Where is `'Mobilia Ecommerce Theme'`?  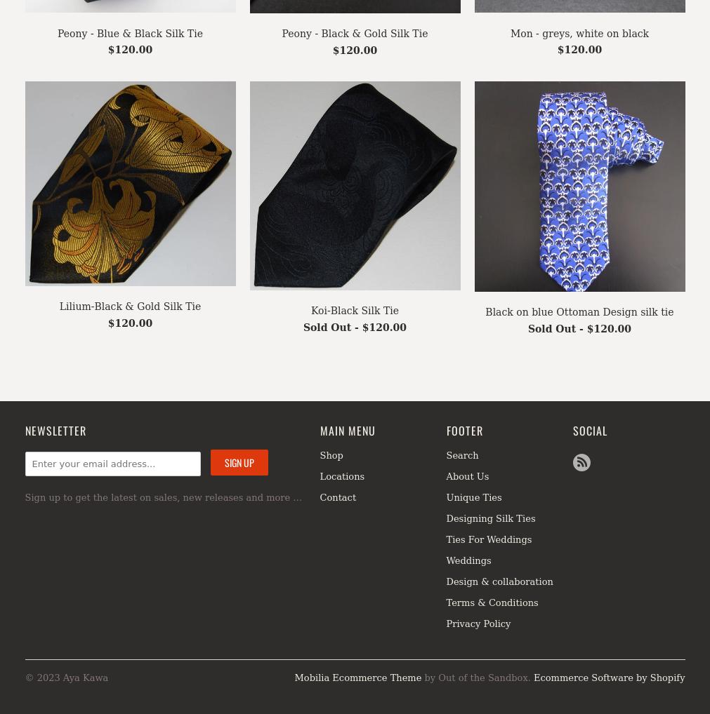
'Mobilia Ecommerce Theme' is located at coordinates (293, 676).